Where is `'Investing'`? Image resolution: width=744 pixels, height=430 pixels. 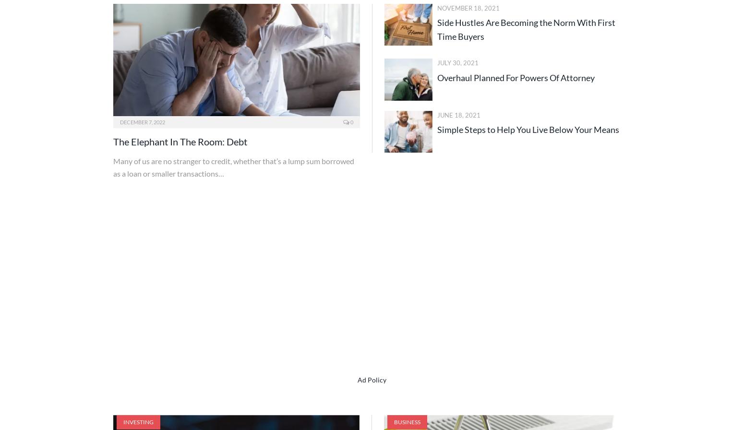
'Investing' is located at coordinates (138, 421).